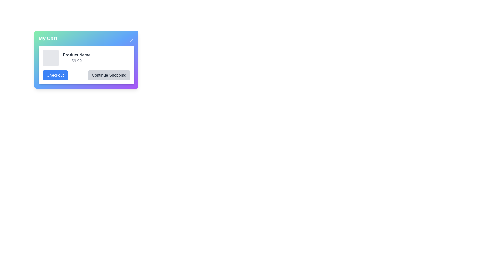 The height and width of the screenshot is (274, 487). Describe the element at coordinates (76, 55) in the screenshot. I see `the 'Product Name' text label in the 'My Cart' section, which is styled in bold dark gray against a white background` at that location.